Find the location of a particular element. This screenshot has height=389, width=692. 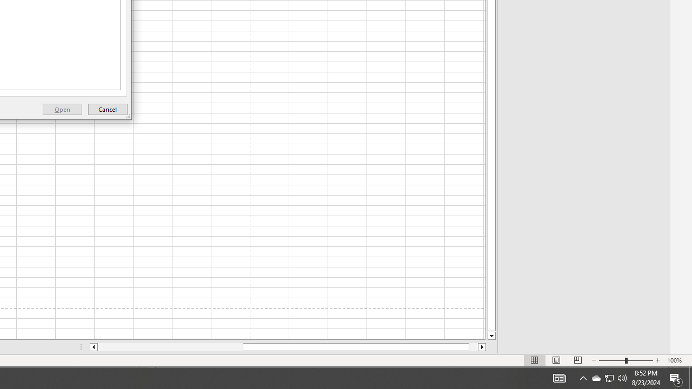

'Cancel' is located at coordinates (108, 109).